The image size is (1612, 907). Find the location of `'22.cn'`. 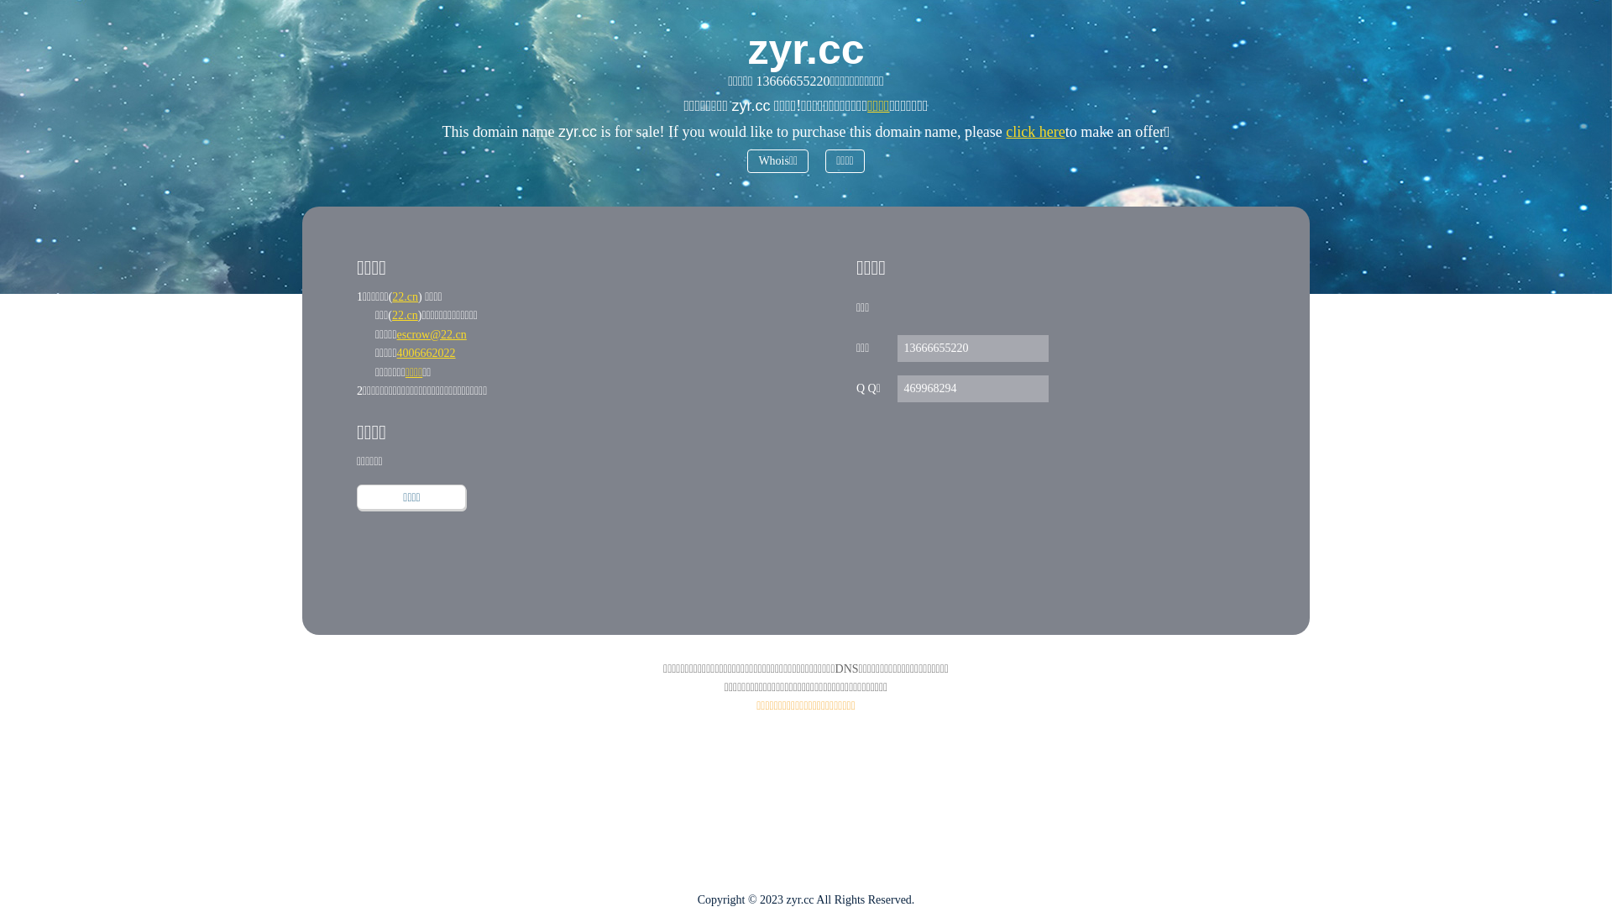

'22.cn' is located at coordinates (405, 296).